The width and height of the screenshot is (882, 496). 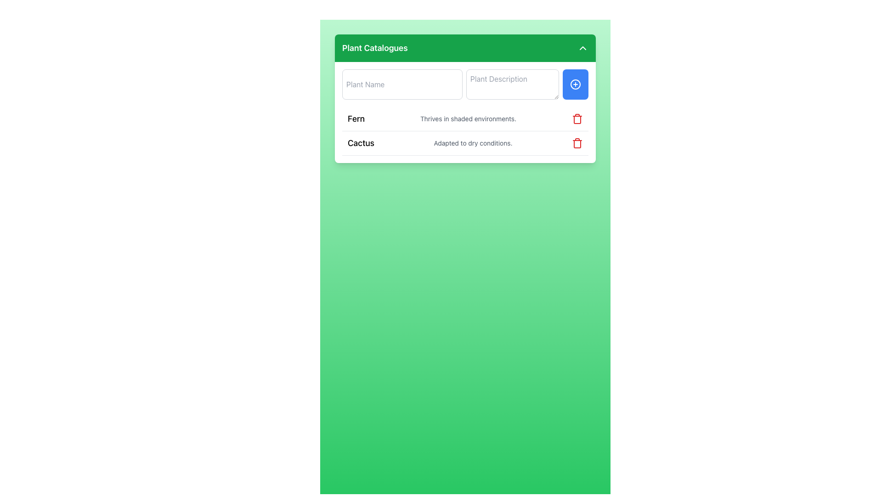 What do you see at coordinates (575, 85) in the screenshot?
I see `the 'Add' button located to the far right of the input fields for 'Plant Name' and 'Plant Description' to bring it into the active state` at bounding box center [575, 85].